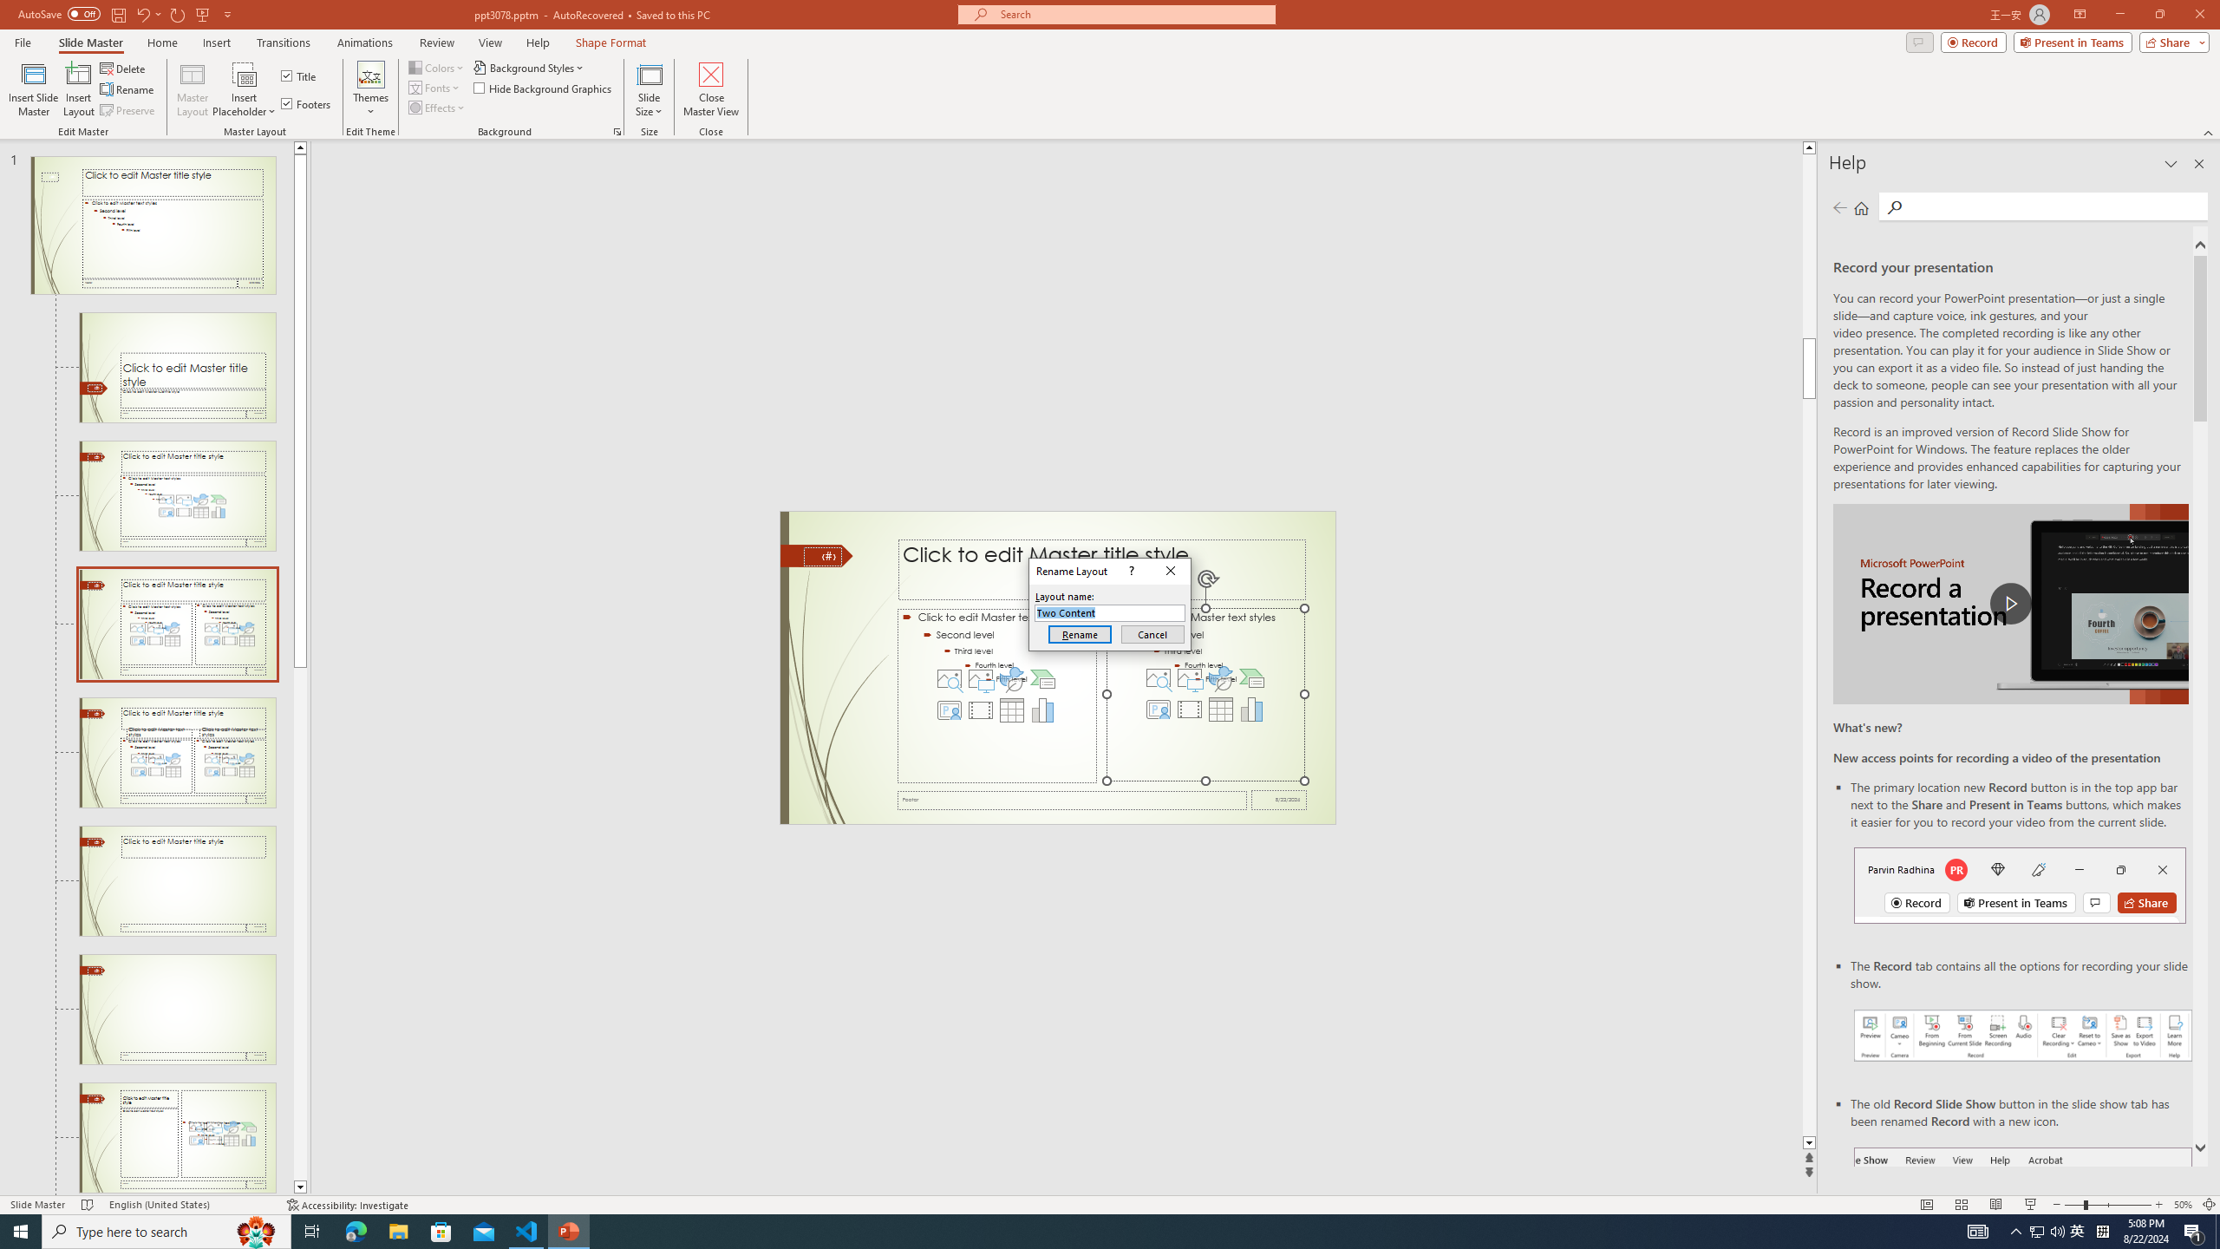 The height and width of the screenshot is (1249, 2220). Describe the element at coordinates (816, 554) in the screenshot. I see `'Freeform 11'` at that location.